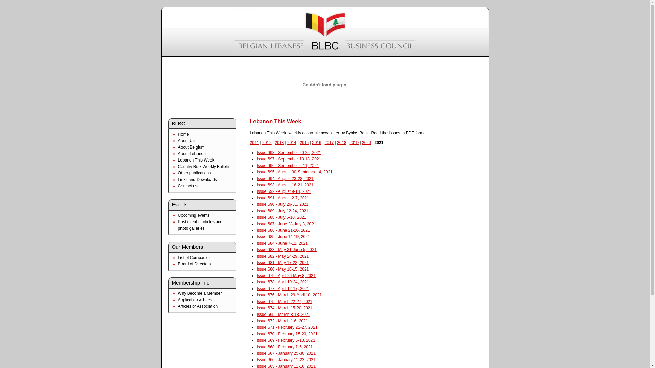 Image resolution: width=655 pixels, height=368 pixels. What do you see at coordinates (285, 178) in the screenshot?
I see `'Issue 694 - August 23-28, 2021'` at bounding box center [285, 178].